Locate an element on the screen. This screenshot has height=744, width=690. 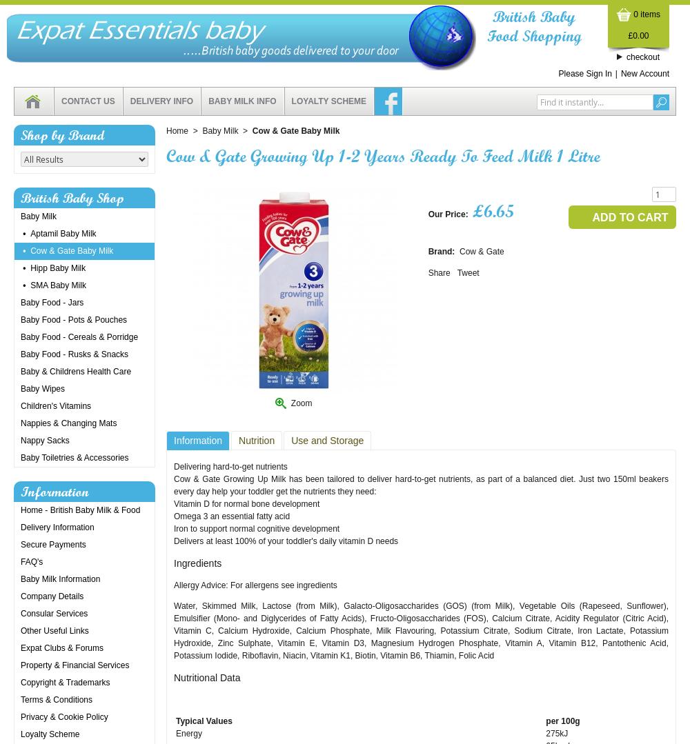
'Use and Storage' is located at coordinates (326, 439).